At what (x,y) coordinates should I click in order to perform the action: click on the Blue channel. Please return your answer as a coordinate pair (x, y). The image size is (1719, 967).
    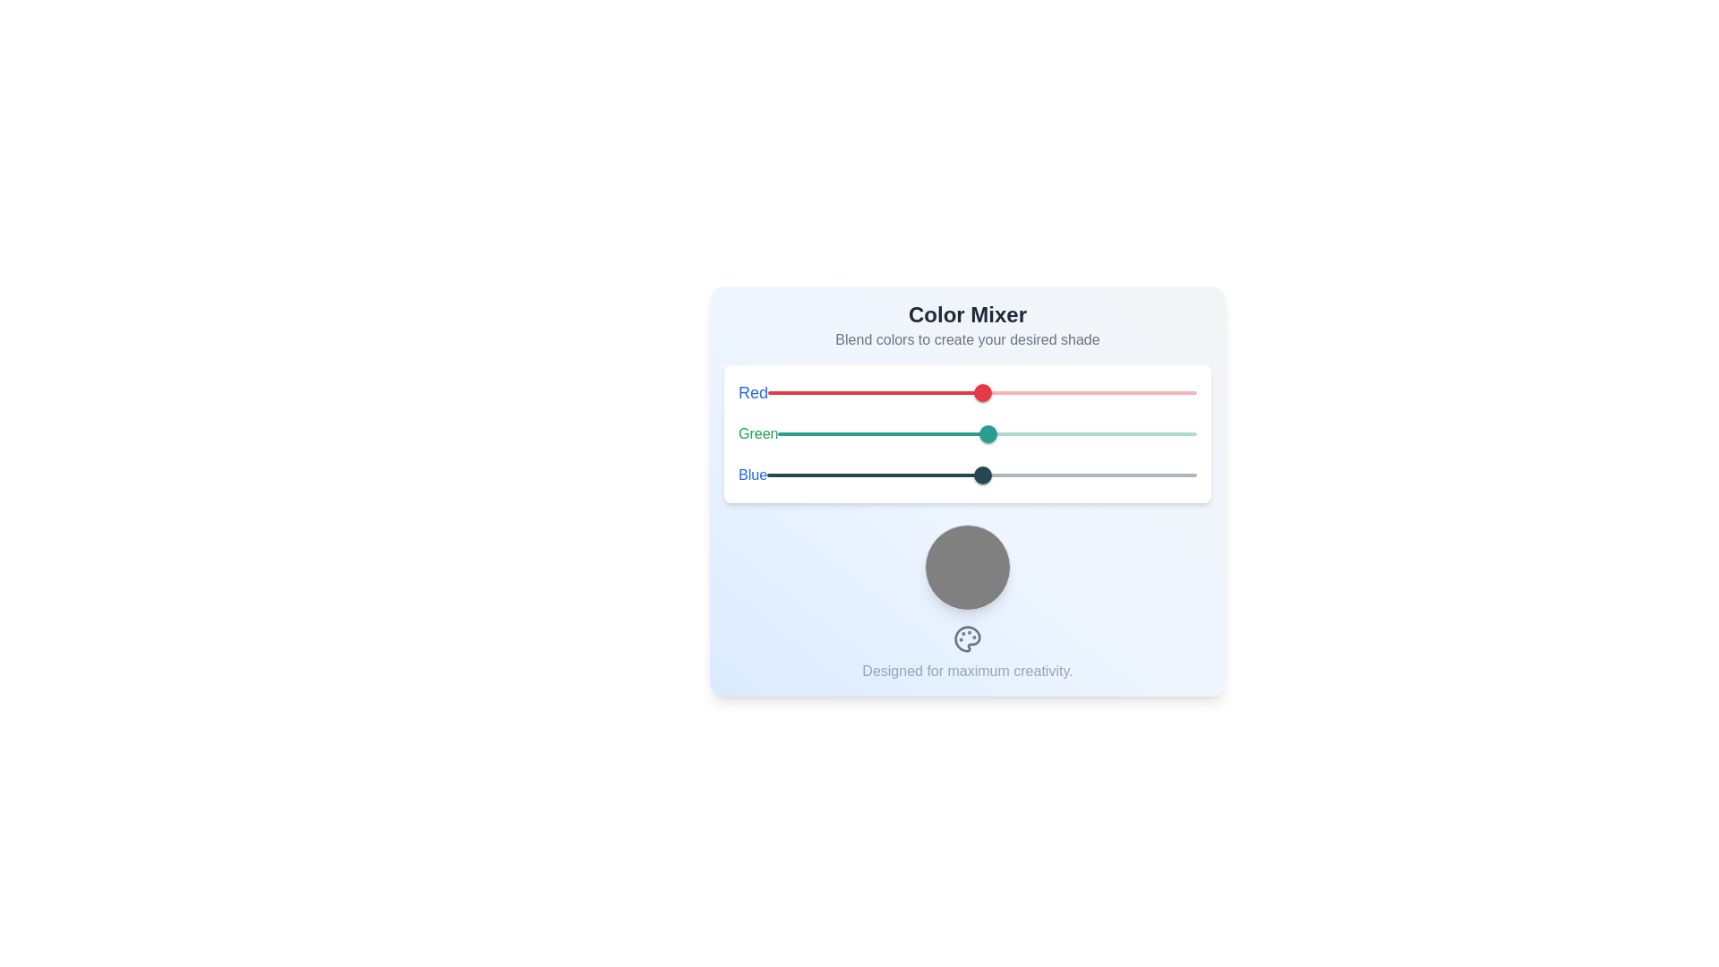
    Looking at the image, I should click on (1006, 475).